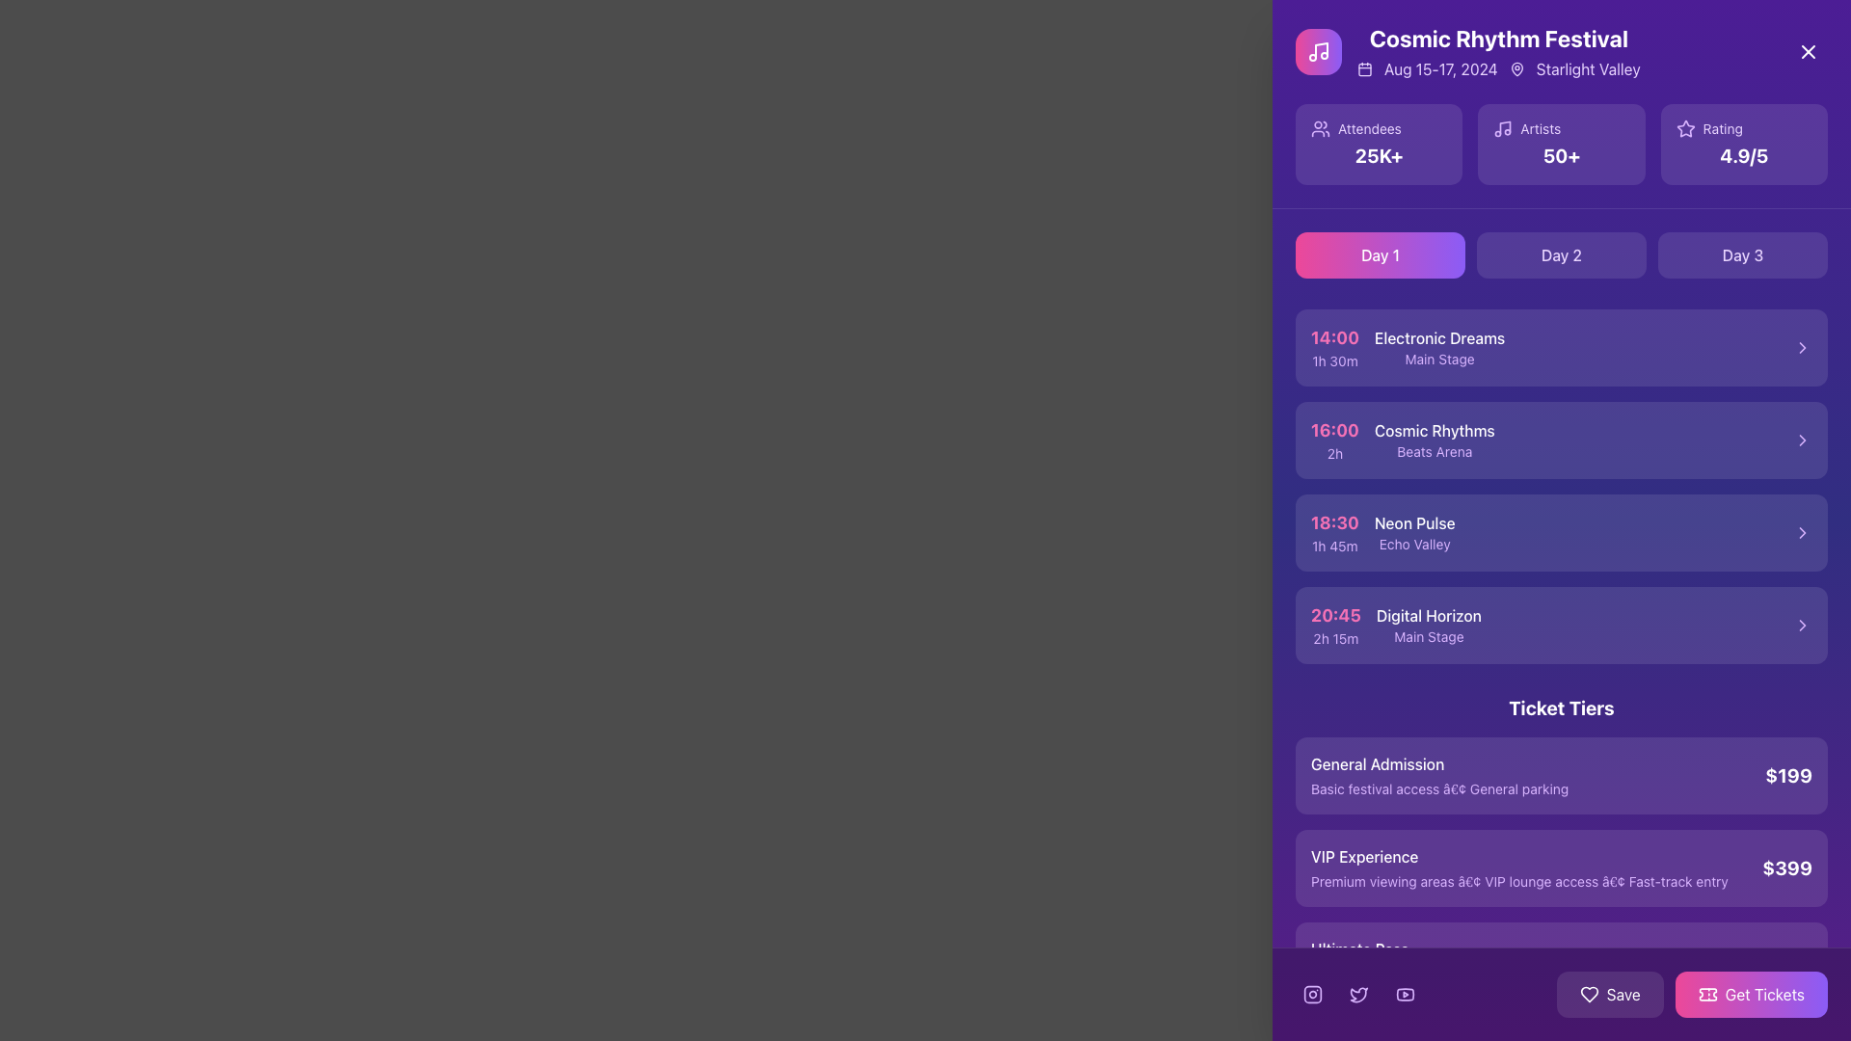 The image size is (1851, 1041). What do you see at coordinates (1589, 995) in the screenshot?
I see `the heart-shaped icon button located` at bounding box center [1589, 995].